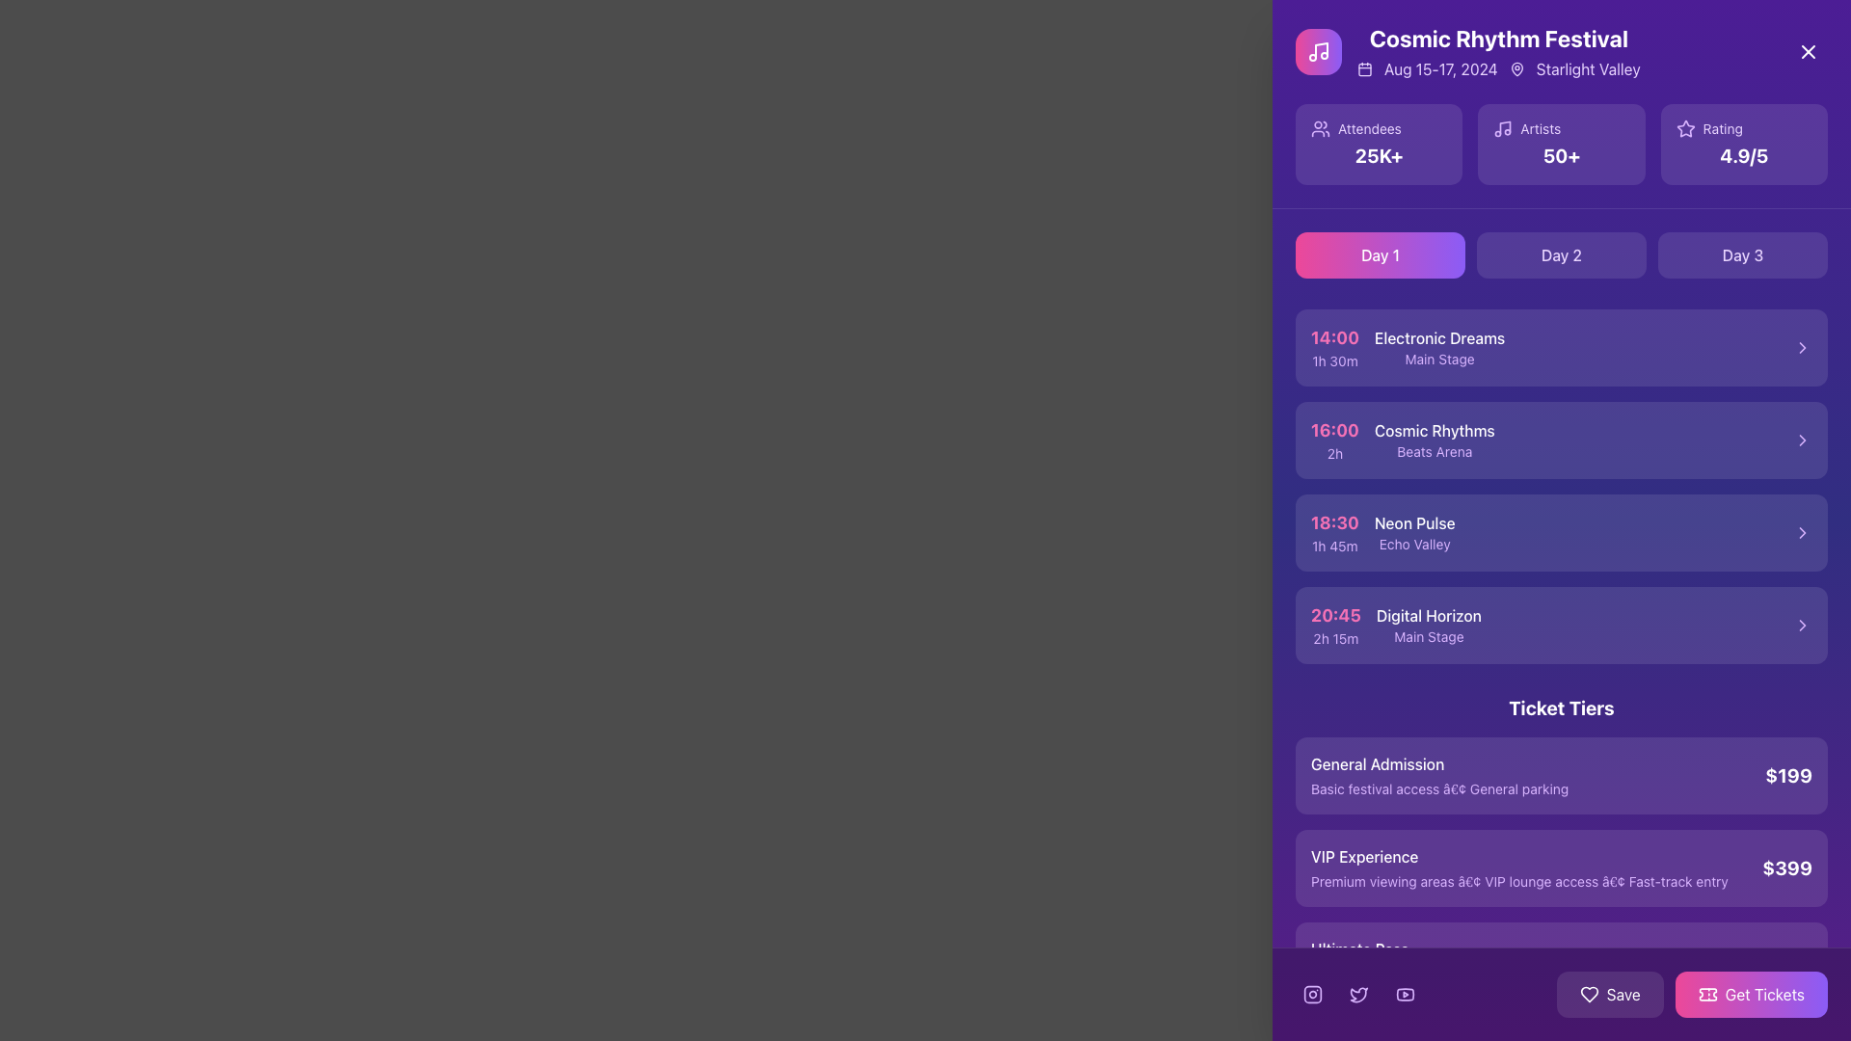 The image size is (1851, 1041). What do you see at coordinates (1589, 995) in the screenshot?
I see `the heart-shaped icon button located` at bounding box center [1589, 995].